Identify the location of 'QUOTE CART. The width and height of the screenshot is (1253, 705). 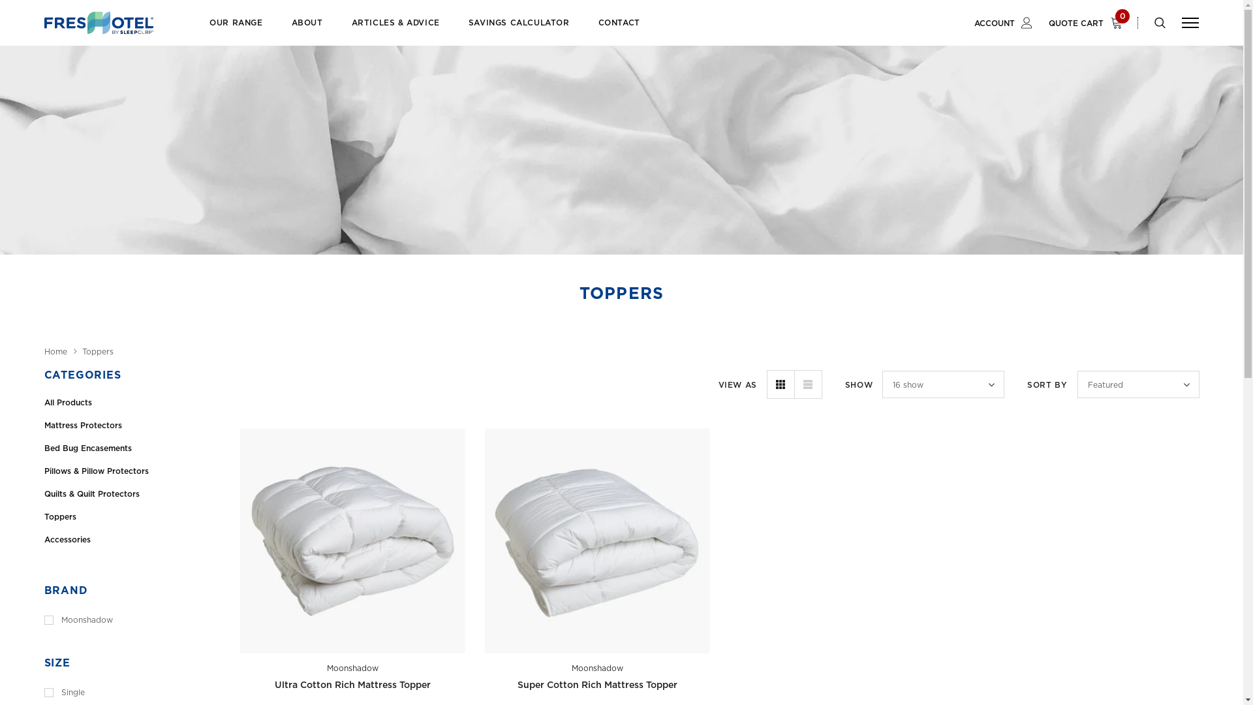
(1089, 22).